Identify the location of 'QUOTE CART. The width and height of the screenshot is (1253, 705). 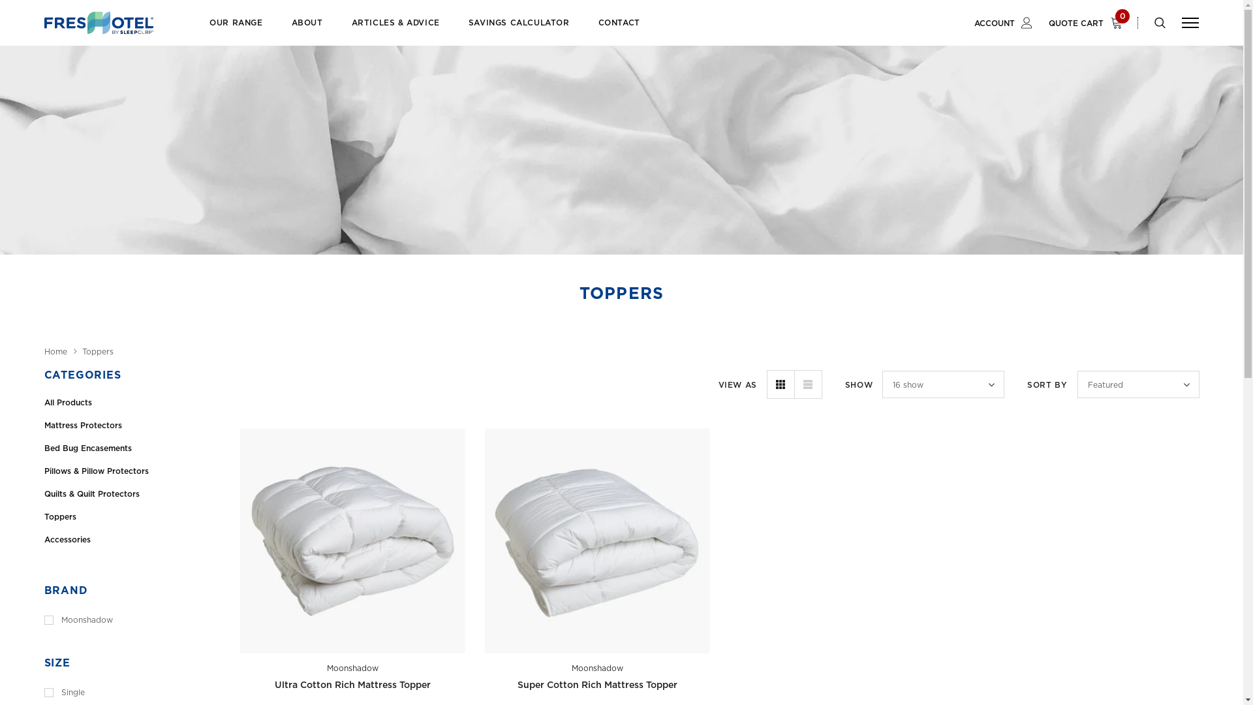
(1089, 22).